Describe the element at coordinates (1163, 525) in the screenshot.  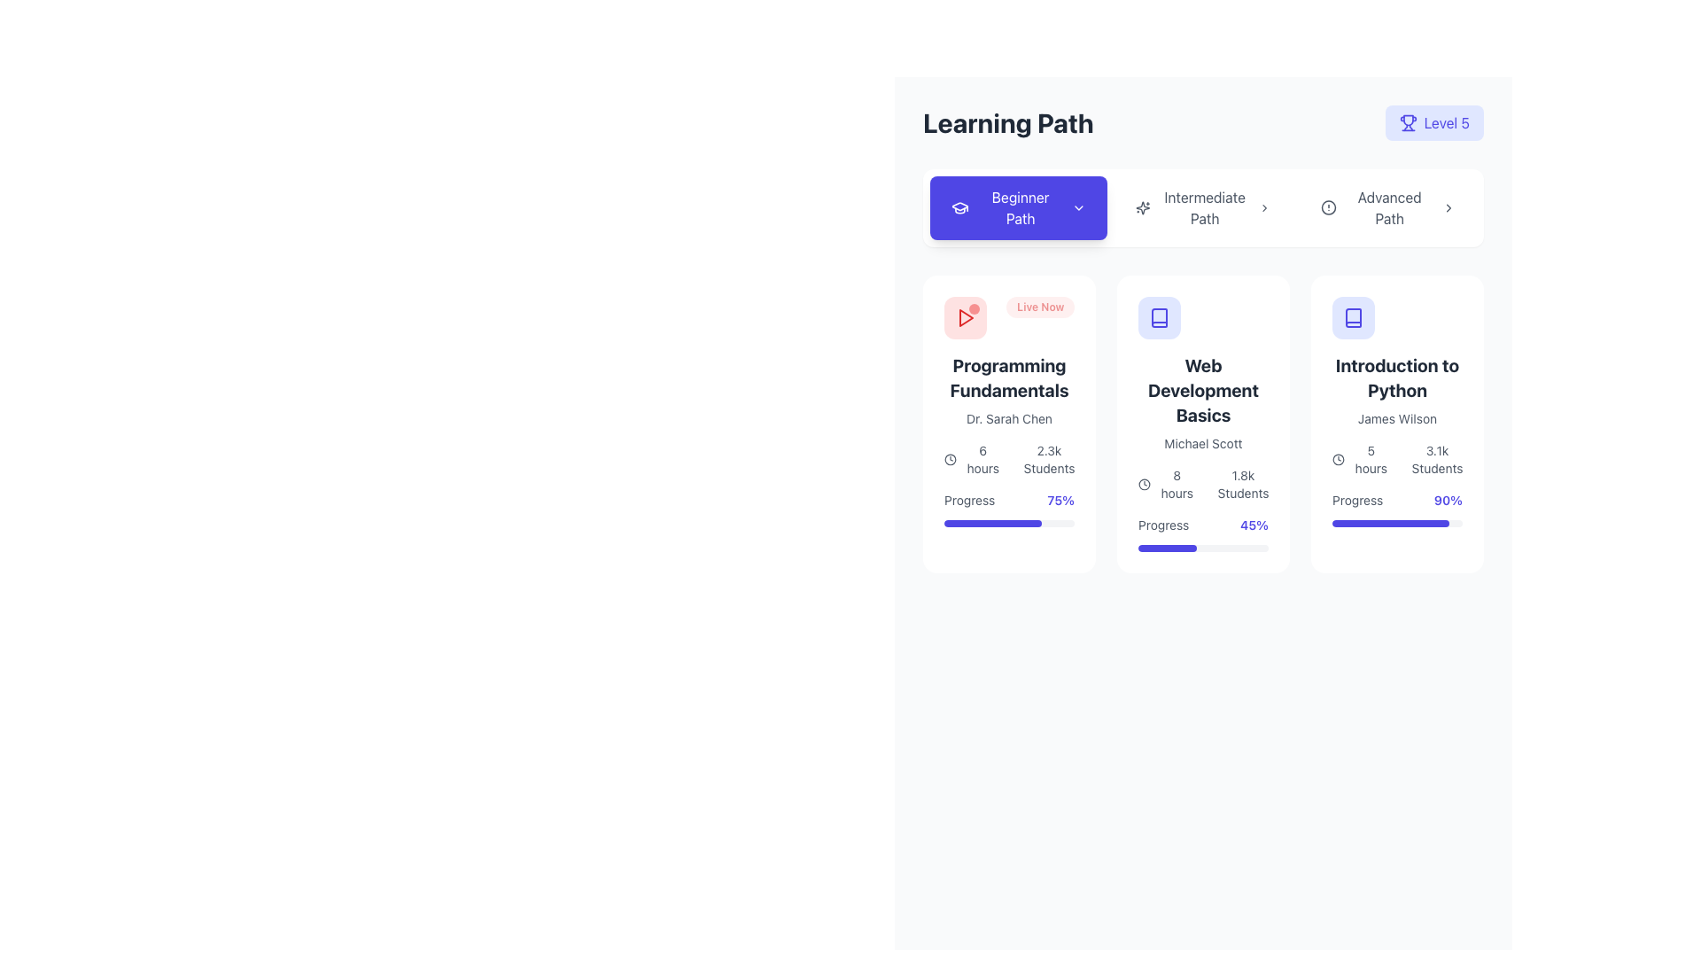
I see `text label displaying the course completion status, which shows 'Progress' followed by the percentage (45%) in the Web Development Basics card` at that location.